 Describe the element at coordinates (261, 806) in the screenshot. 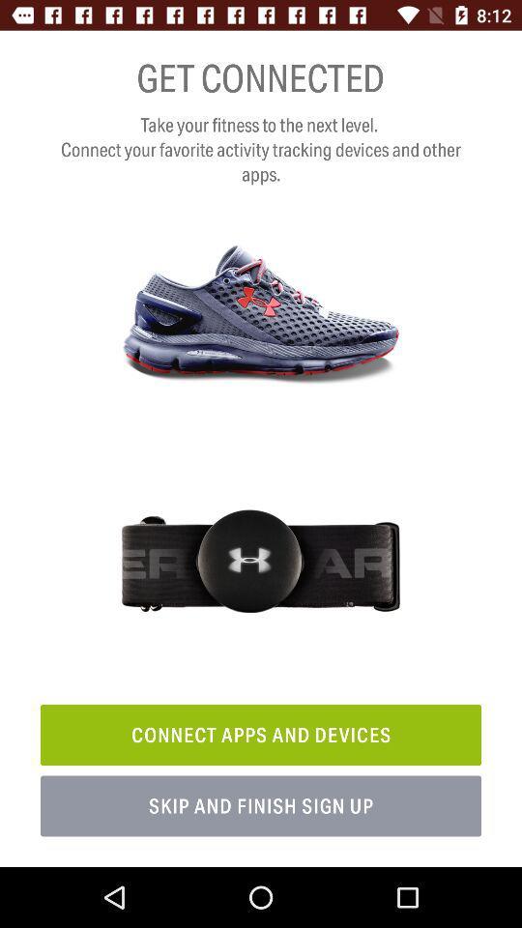

I see `the skip and finish` at that location.